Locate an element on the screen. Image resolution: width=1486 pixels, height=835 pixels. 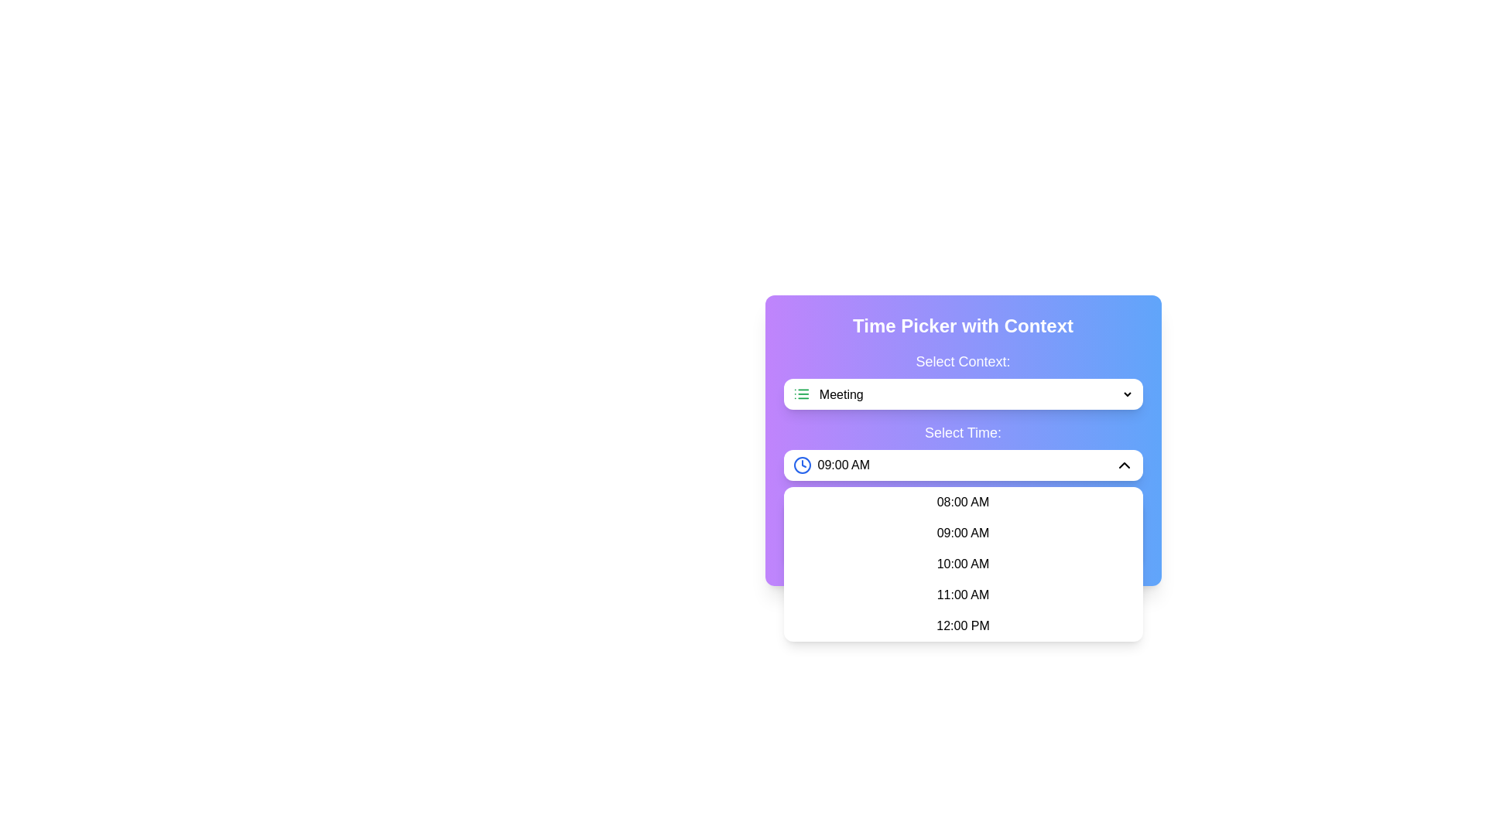
the SVG icon representing the 'Meeting' category, located on the left side of the text label in the 'Time Picker with Context' interface is located at coordinates (801, 393).